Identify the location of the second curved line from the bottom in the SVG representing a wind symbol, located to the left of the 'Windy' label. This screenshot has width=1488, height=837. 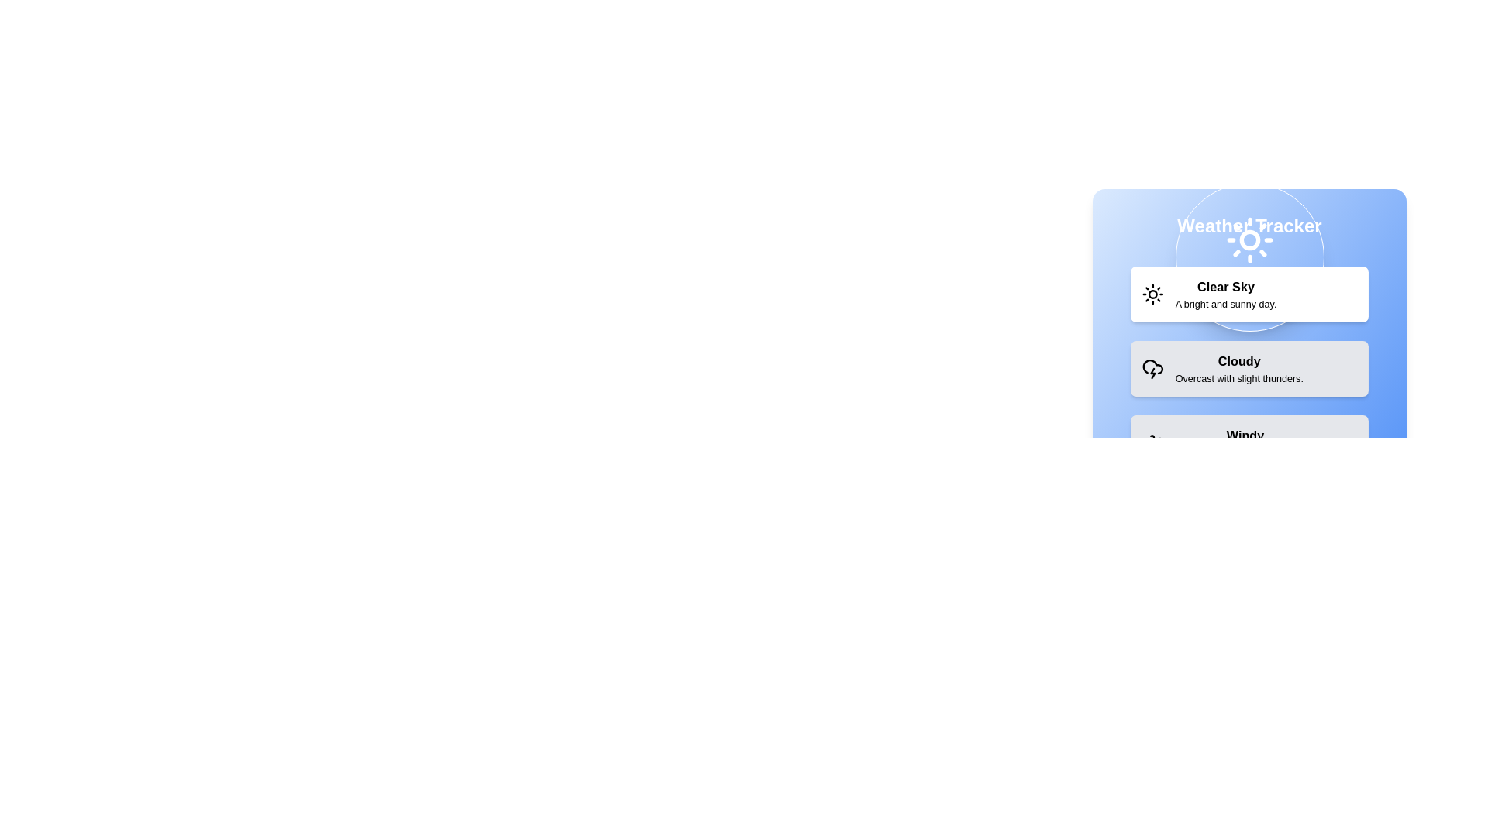
(1152, 441).